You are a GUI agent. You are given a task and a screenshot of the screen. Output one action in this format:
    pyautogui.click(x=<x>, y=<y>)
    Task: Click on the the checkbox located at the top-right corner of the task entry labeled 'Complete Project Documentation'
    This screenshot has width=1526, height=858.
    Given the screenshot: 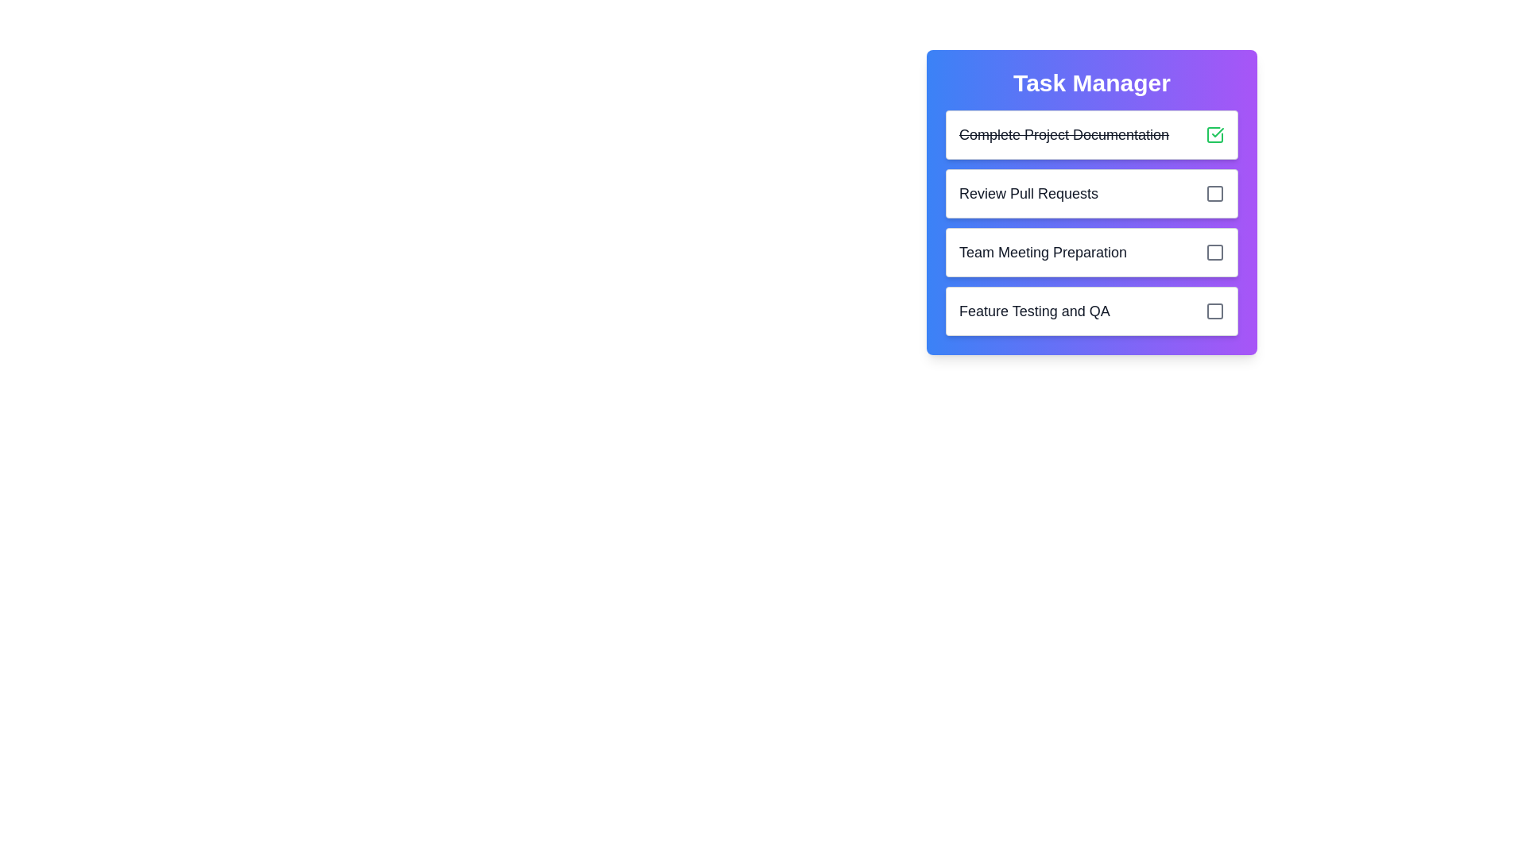 What is the action you would take?
    pyautogui.click(x=1214, y=133)
    